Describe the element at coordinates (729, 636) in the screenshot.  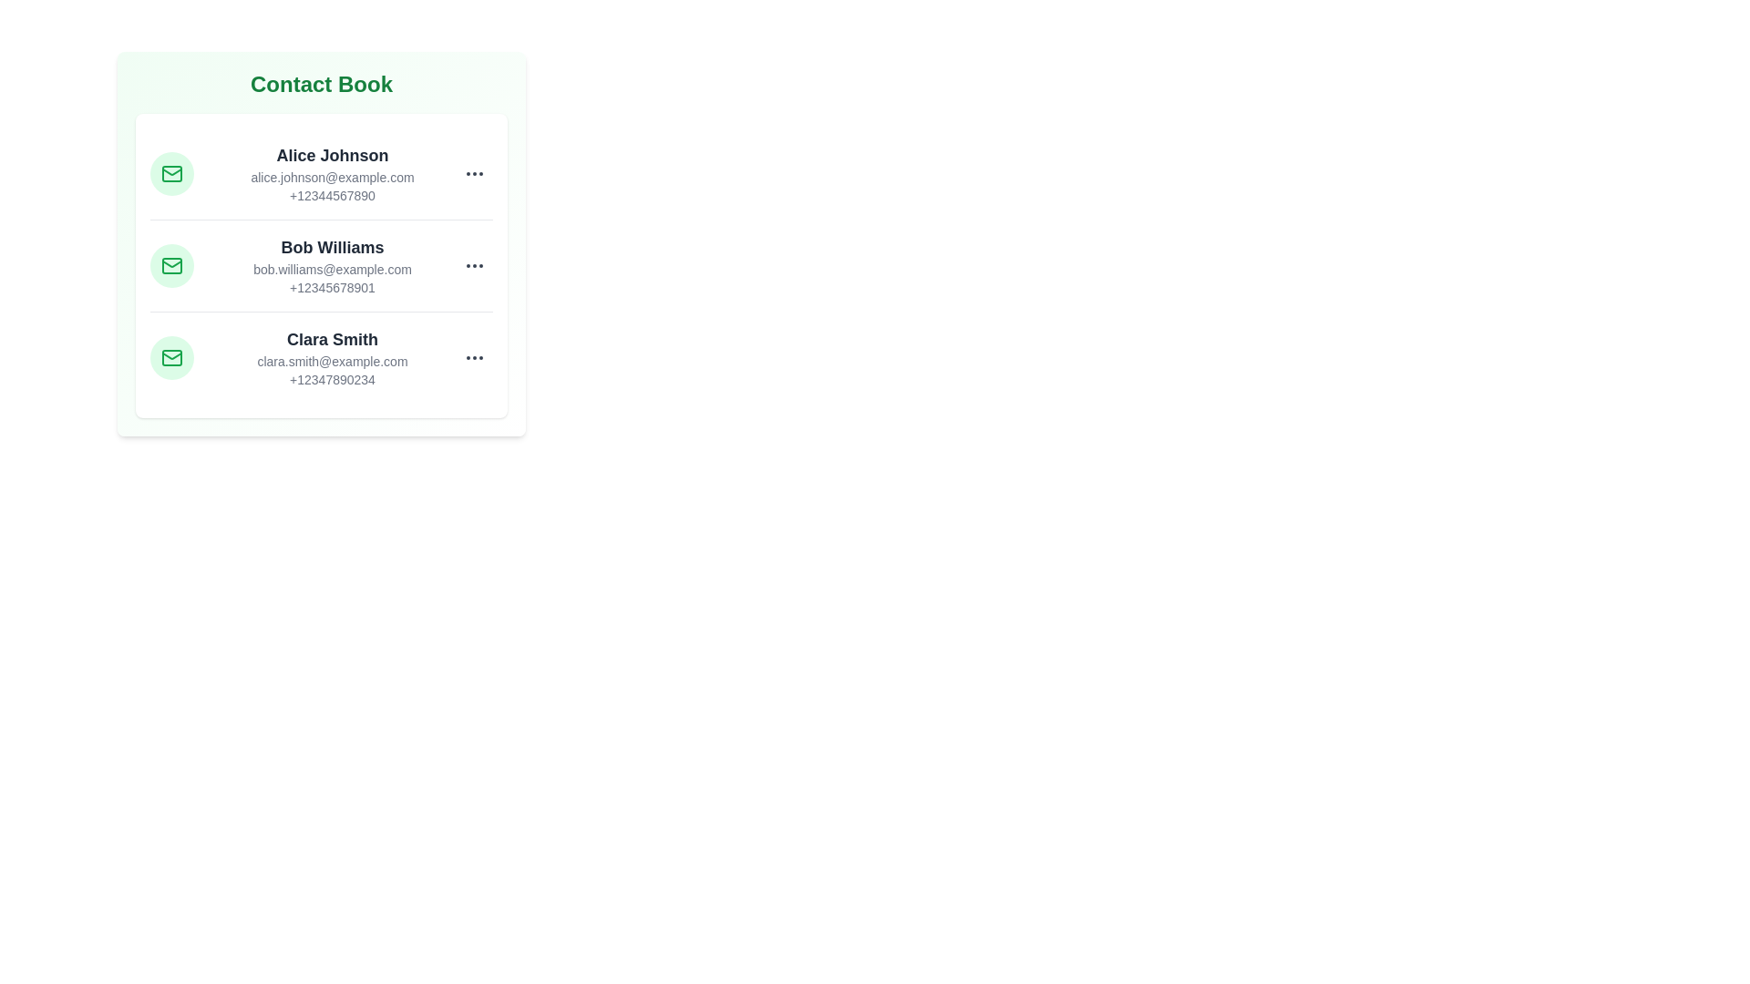
I see `the background area outside the contact list container to dismiss any active focus` at that location.